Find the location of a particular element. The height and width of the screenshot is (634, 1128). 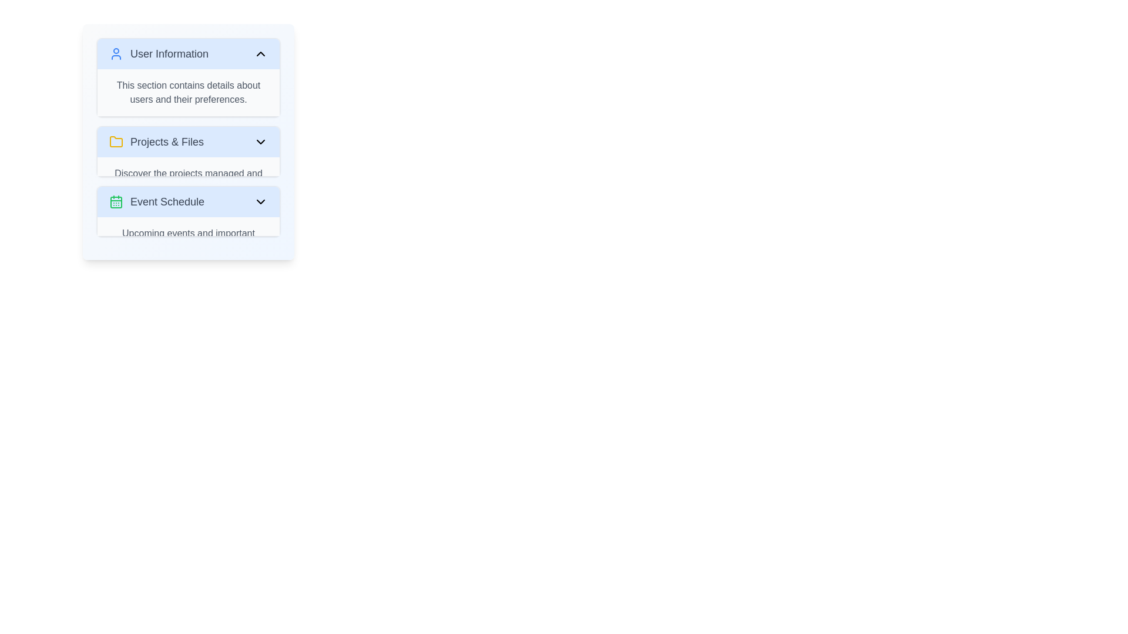

the 'Event Schedule' icon, which is an SVG depicting a calendar, located in the third section of the list is located at coordinates (116, 201).